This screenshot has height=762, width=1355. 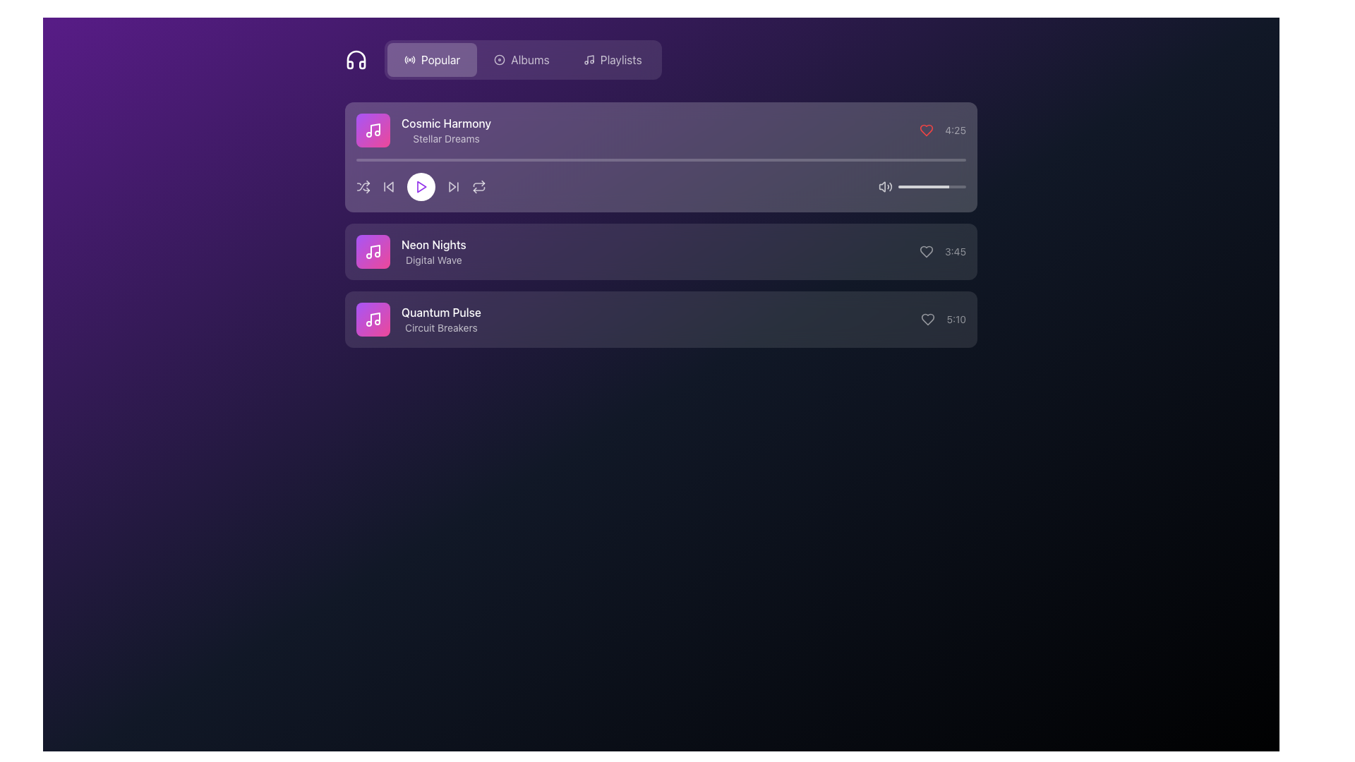 I want to click on volume, so click(x=962, y=186).